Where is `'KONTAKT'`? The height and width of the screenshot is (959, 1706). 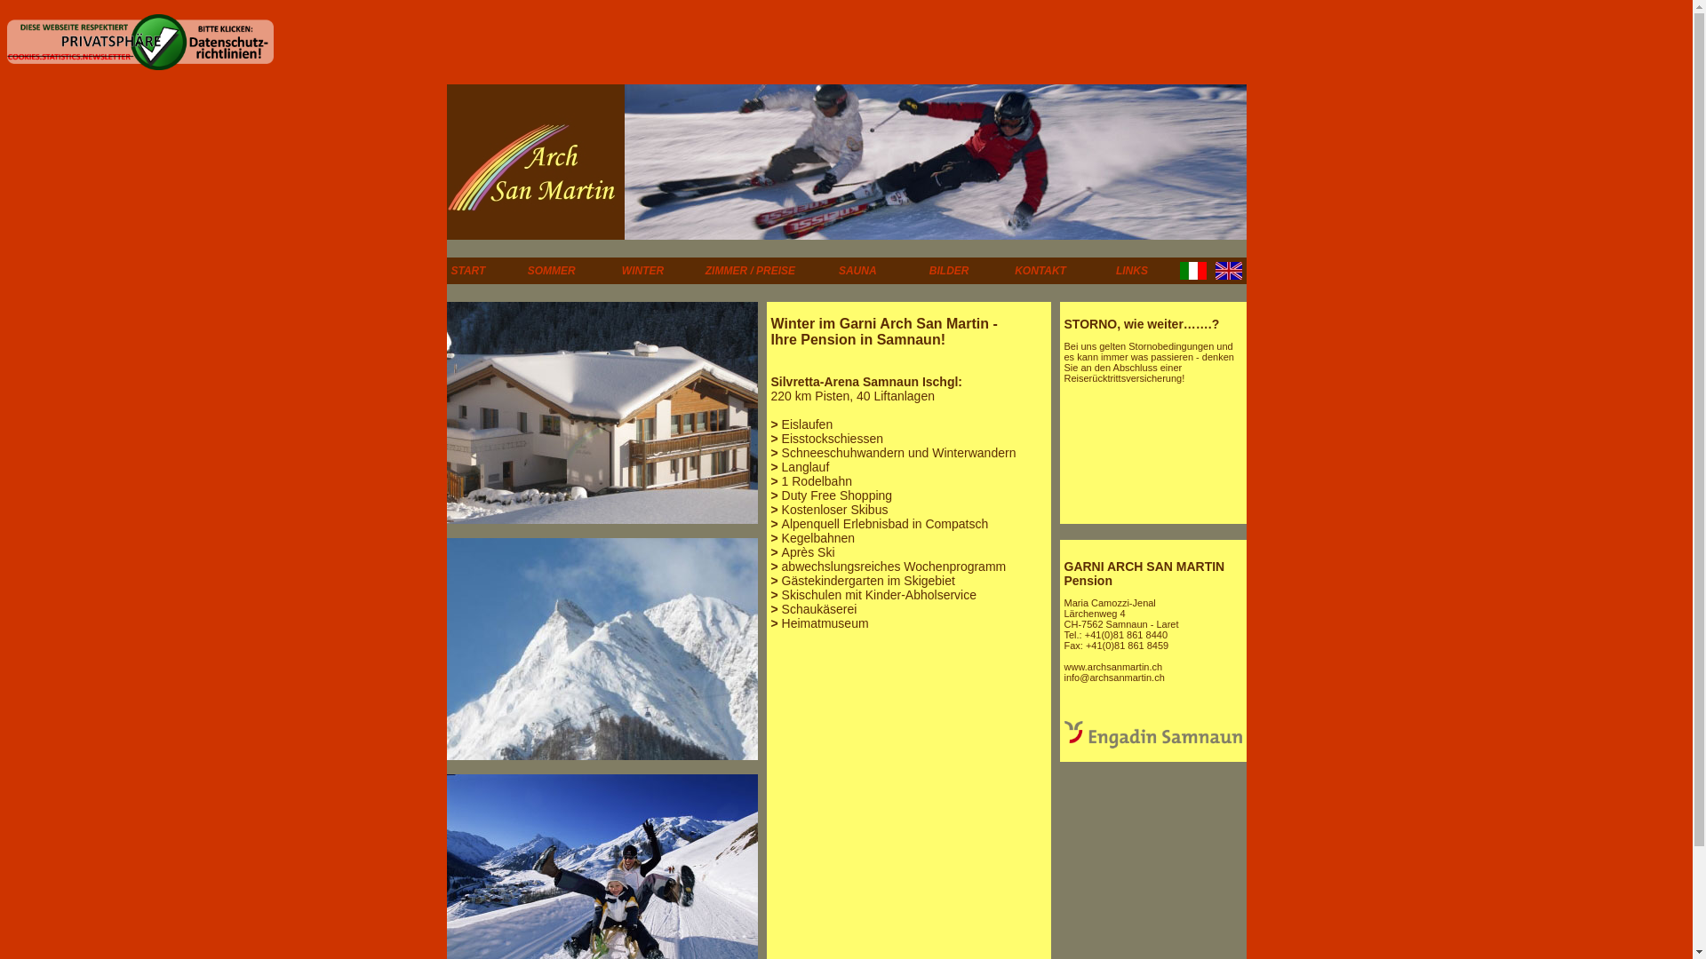
'KONTAKT' is located at coordinates (1040, 270).